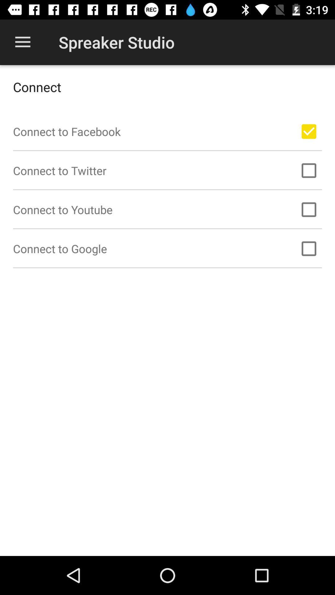 This screenshot has width=335, height=595. What do you see at coordinates (309, 209) in the screenshot?
I see `connect youtube account` at bounding box center [309, 209].